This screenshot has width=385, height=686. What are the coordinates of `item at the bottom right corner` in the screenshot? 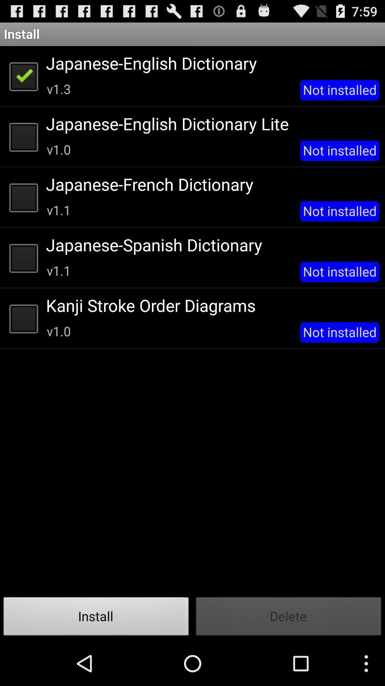 It's located at (289, 618).